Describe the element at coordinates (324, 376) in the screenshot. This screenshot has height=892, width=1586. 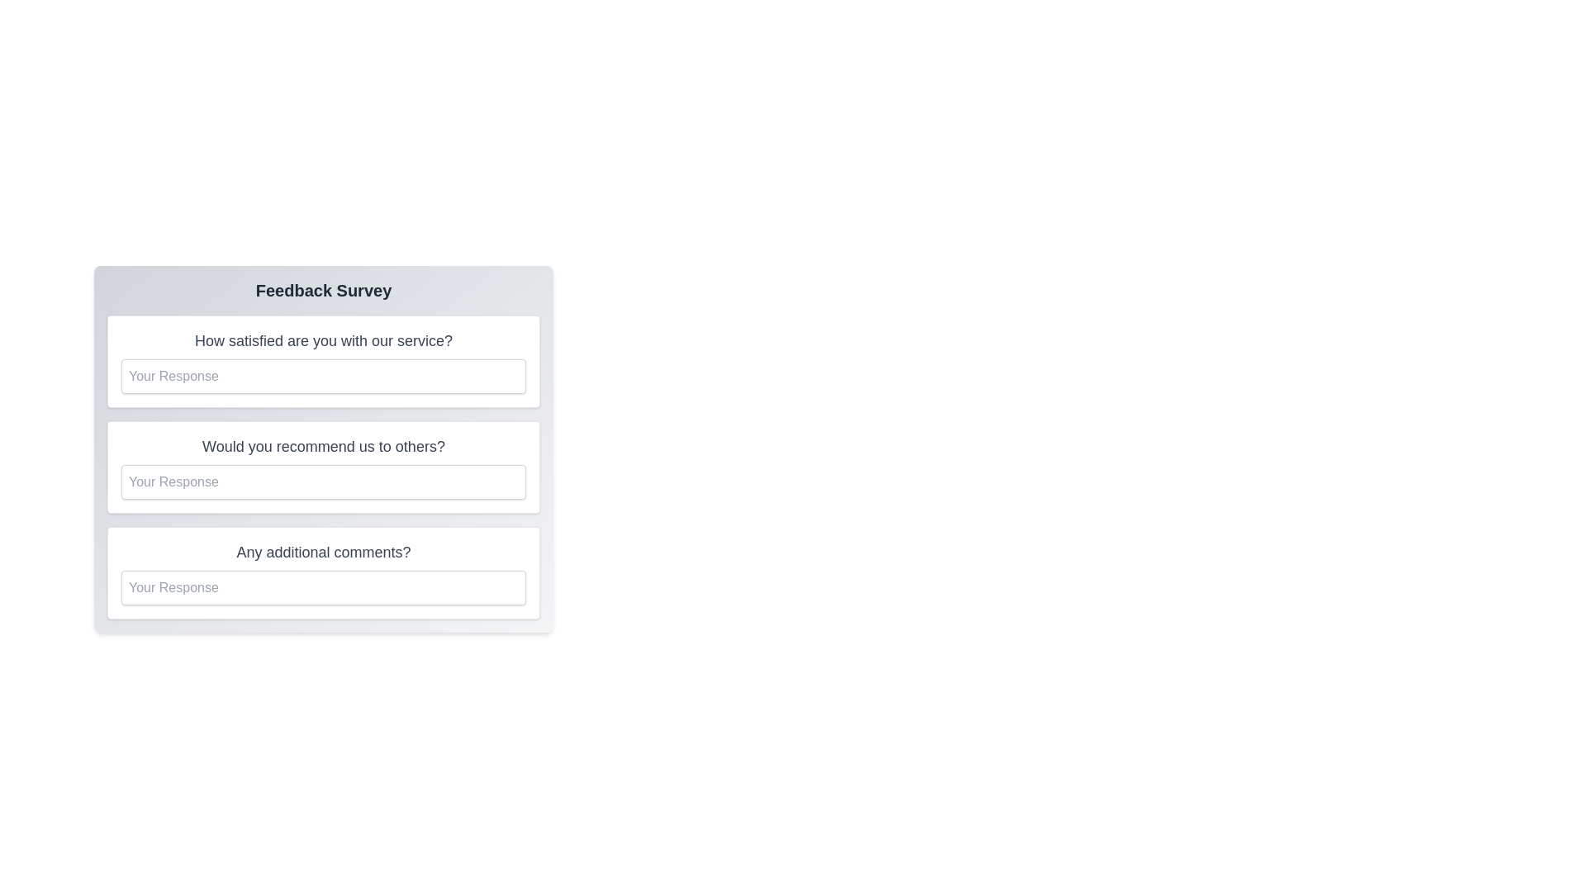
I see `the text input field for How satisfied are you with our service?` at that location.